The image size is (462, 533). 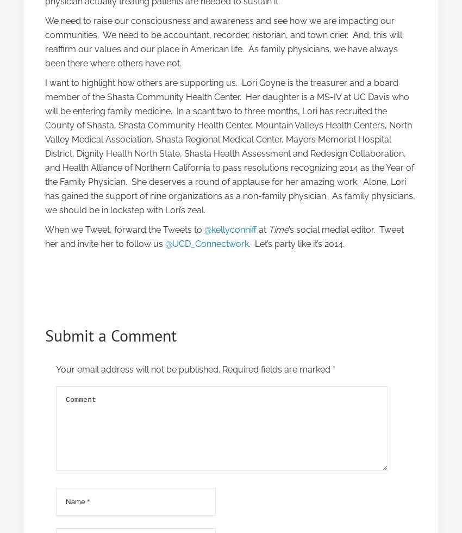 I want to click on 'at', so click(x=262, y=230).